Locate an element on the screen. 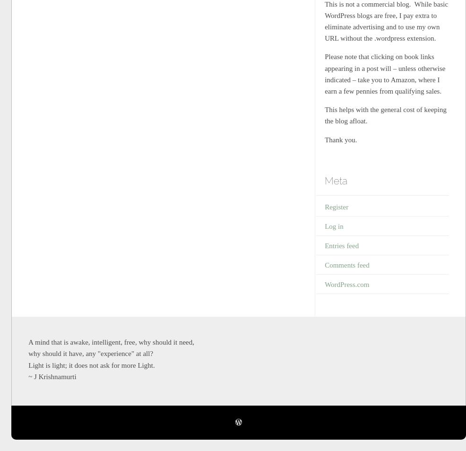 The image size is (466, 451). 'why should it have, any "experience" at all?' is located at coordinates (90, 354).